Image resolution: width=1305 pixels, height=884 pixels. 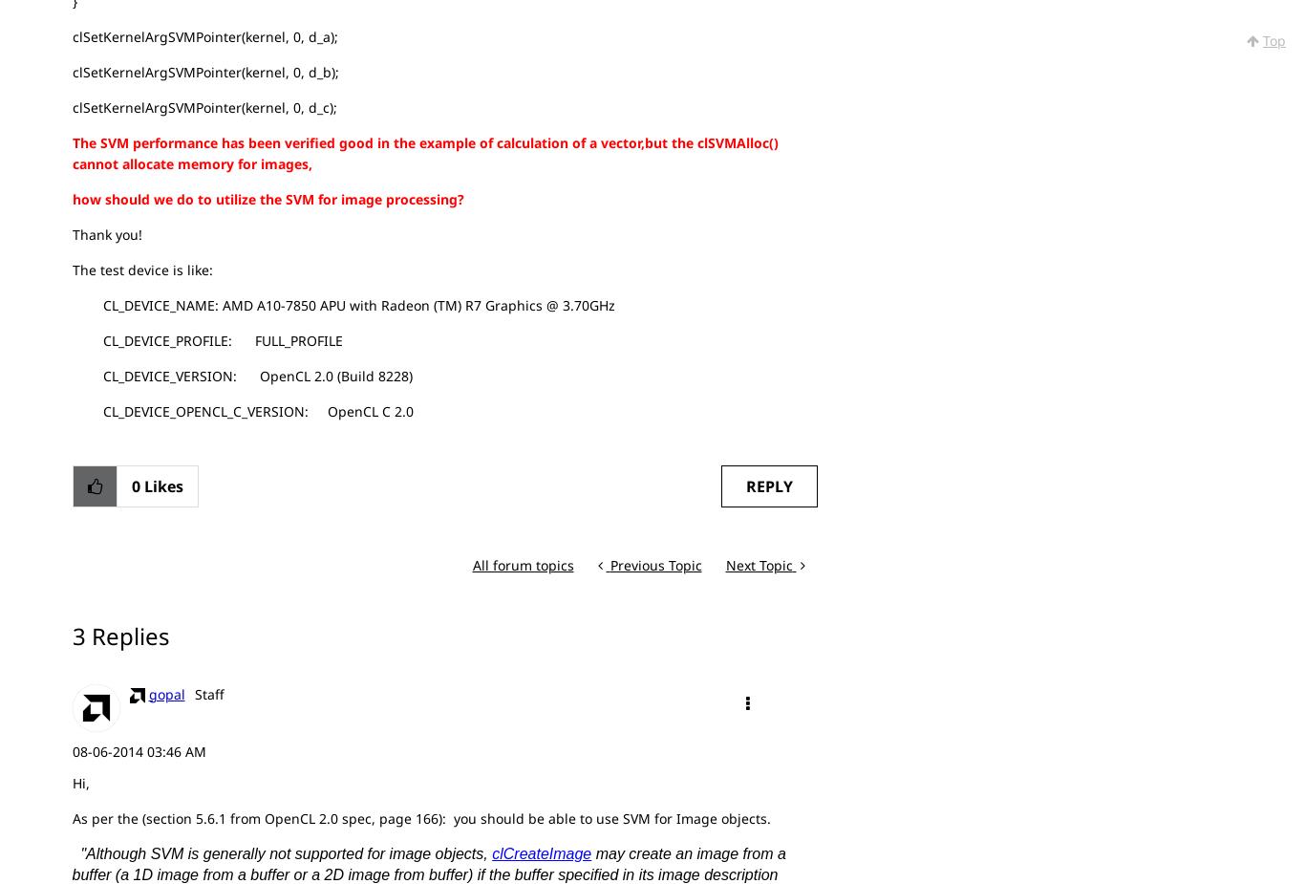 I want to click on 'CL_DEVICE_NAME: AMD A10-7850 APU with Radeon (TM) R7 Graphics @ 3.70GHz', so click(x=71, y=303).